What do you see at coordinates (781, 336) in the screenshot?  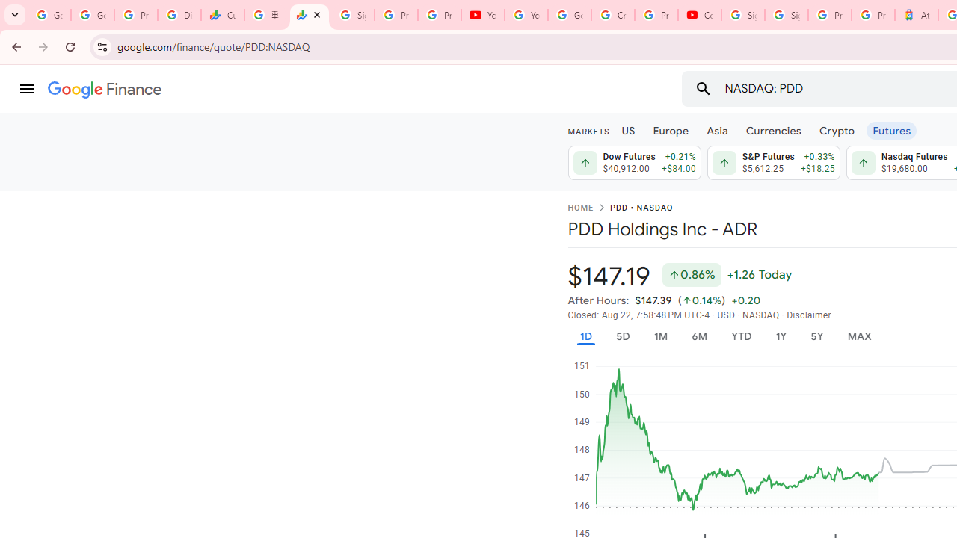 I see `'1Y'` at bounding box center [781, 336].